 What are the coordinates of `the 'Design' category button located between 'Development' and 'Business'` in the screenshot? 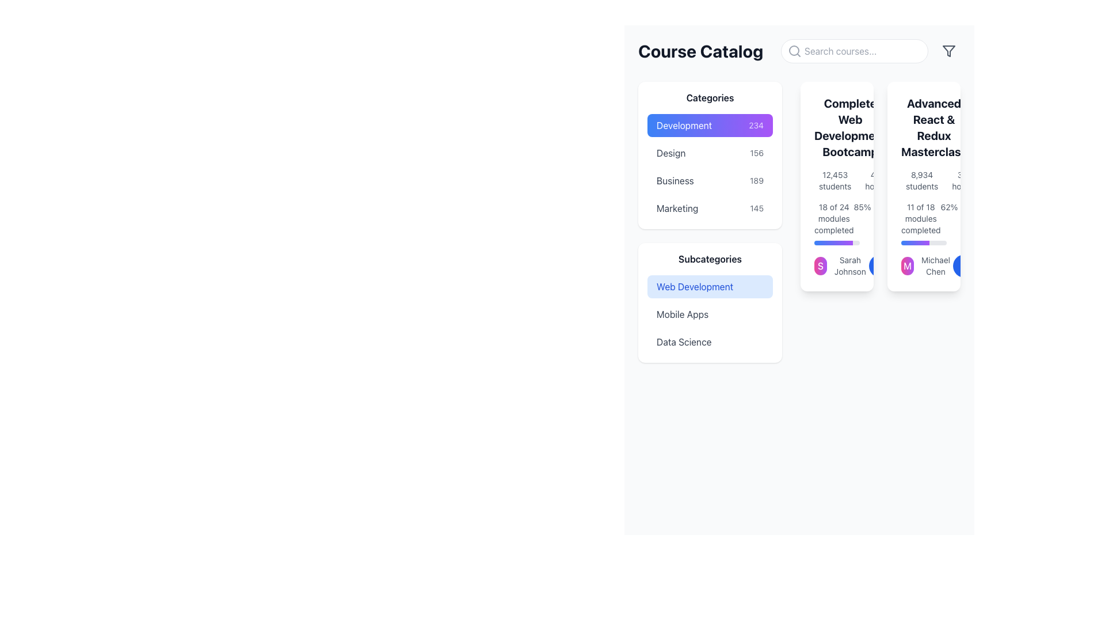 It's located at (709, 153).